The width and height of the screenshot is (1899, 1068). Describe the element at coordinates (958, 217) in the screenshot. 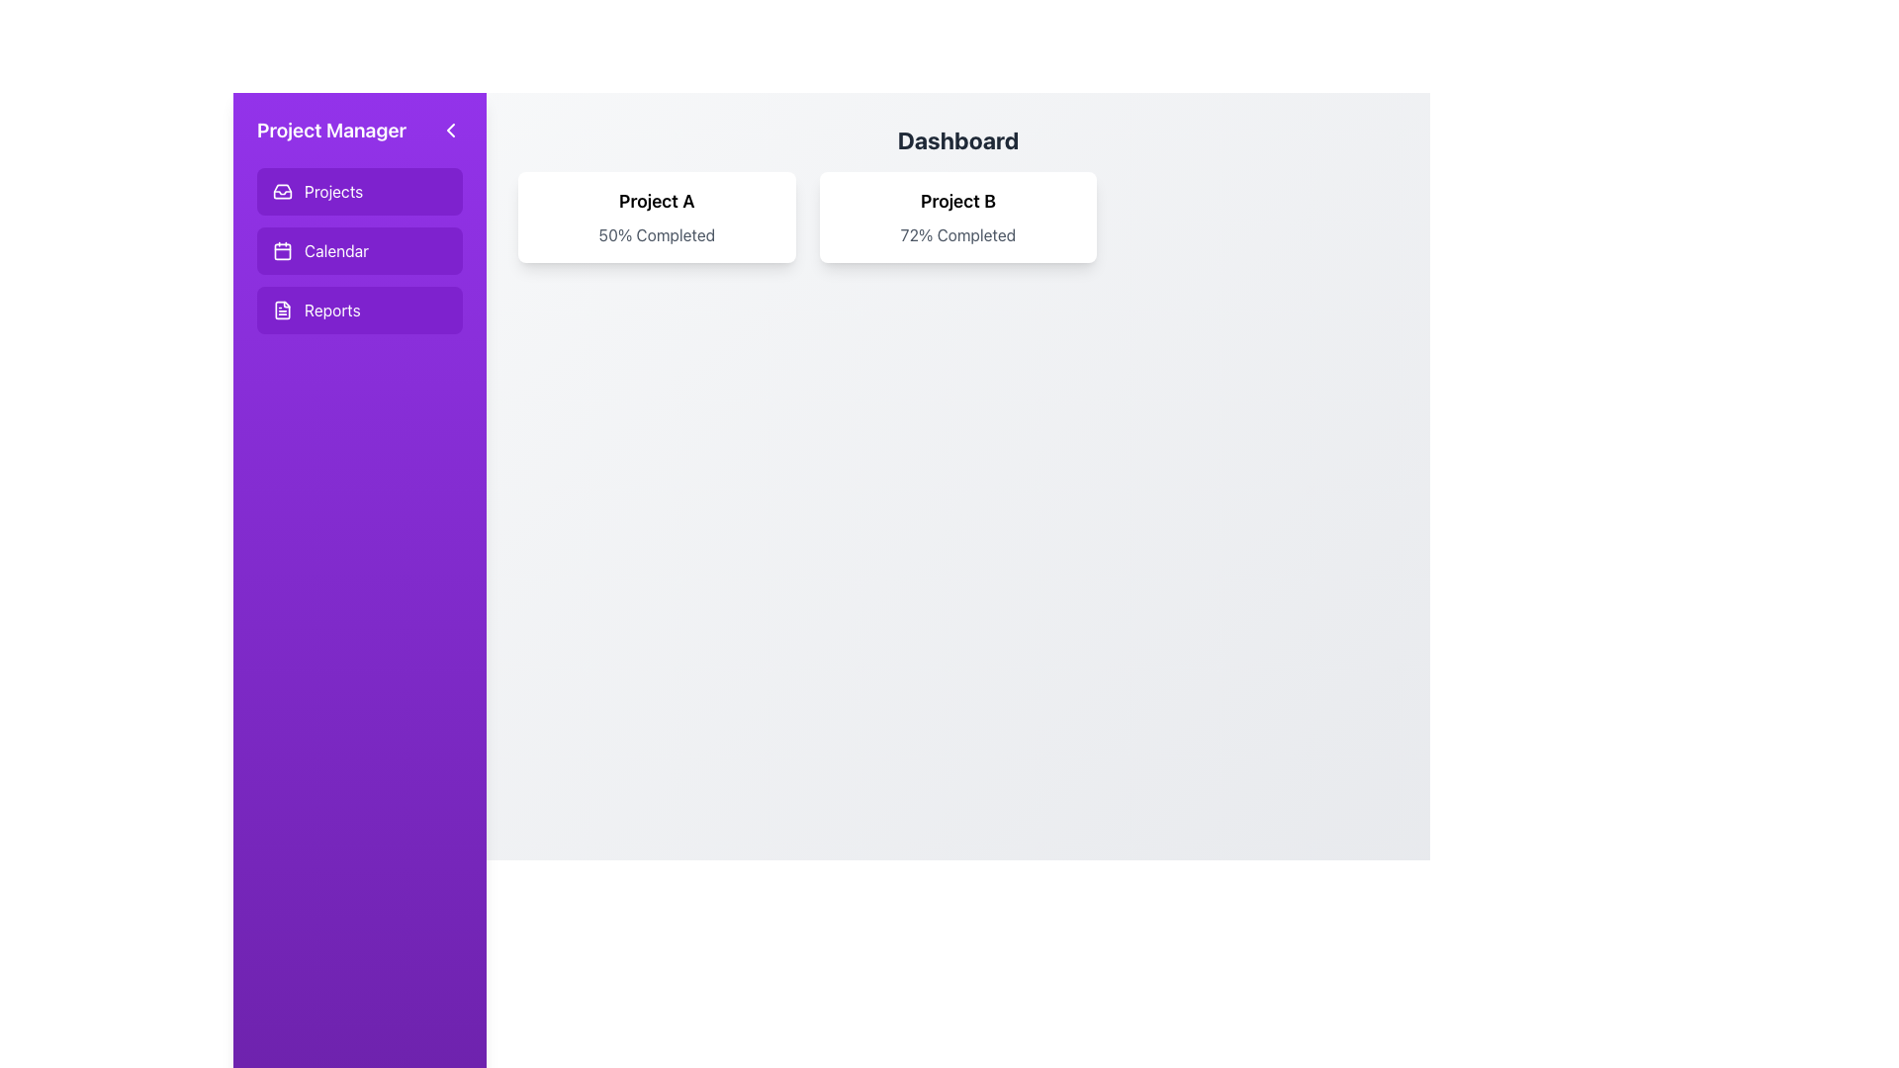

I see `the Information card displaying progress for 'Project B', which is the second card in a three-card layout` at that location.